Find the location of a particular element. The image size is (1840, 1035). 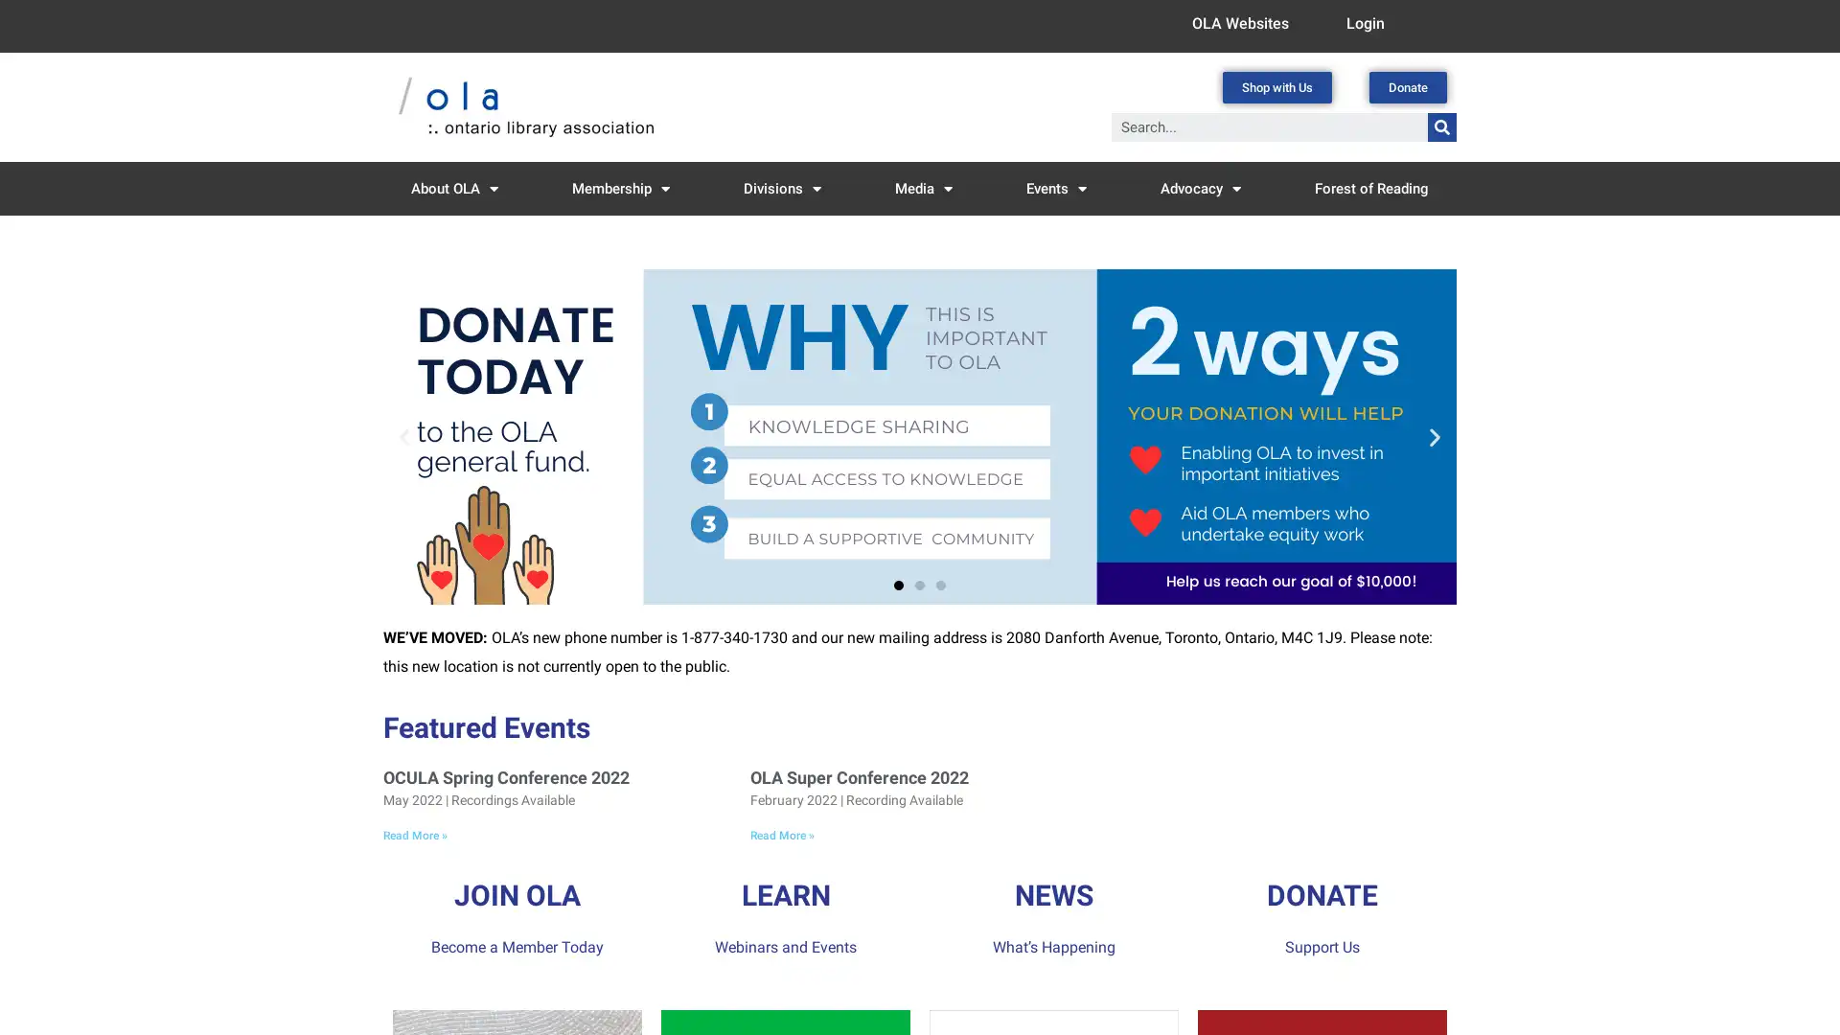

Next slide is located at coordinates (1435, 436).